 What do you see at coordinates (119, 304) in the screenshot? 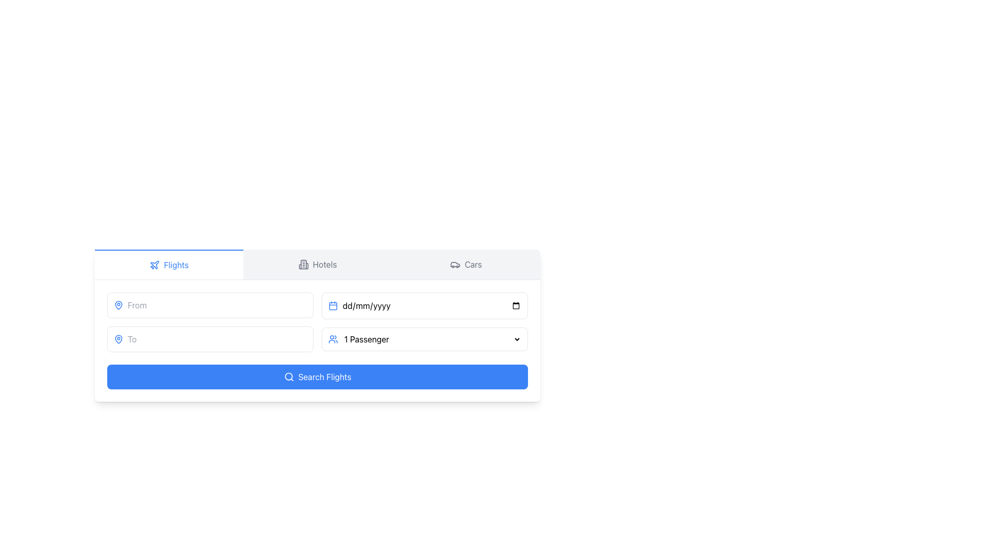
I see `the SVG icon representing the 'From' field, located next to the 'From' text field in the first row of options` at bounding box center [119, 304].